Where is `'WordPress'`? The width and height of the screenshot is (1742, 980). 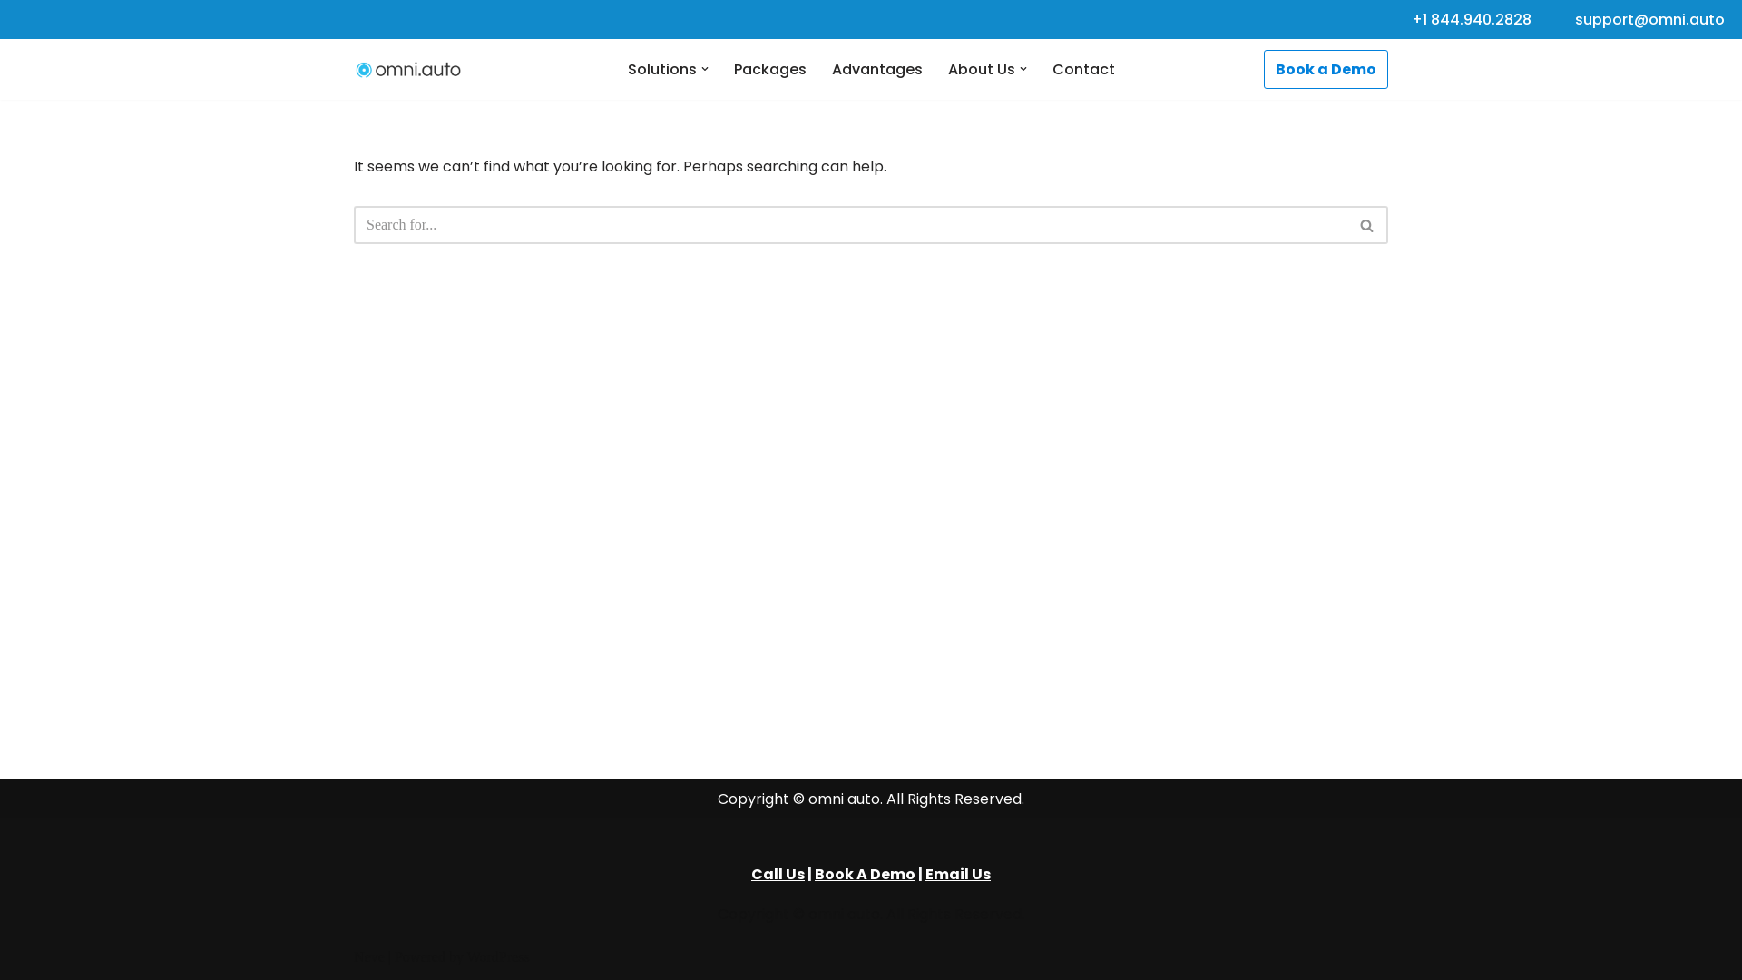
'WordPress' is located at coordinates (498, 955).